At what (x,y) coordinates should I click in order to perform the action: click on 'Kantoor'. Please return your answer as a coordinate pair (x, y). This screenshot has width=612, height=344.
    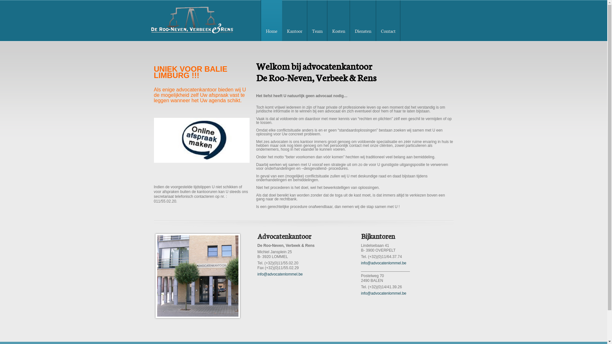
    Looking at the image, I should click on (294, 20).